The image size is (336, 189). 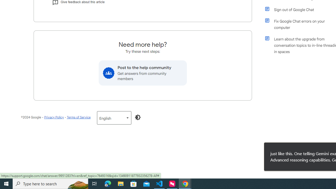 I want to click on 'Enable Dark Mode', so click(x=138, y=117).